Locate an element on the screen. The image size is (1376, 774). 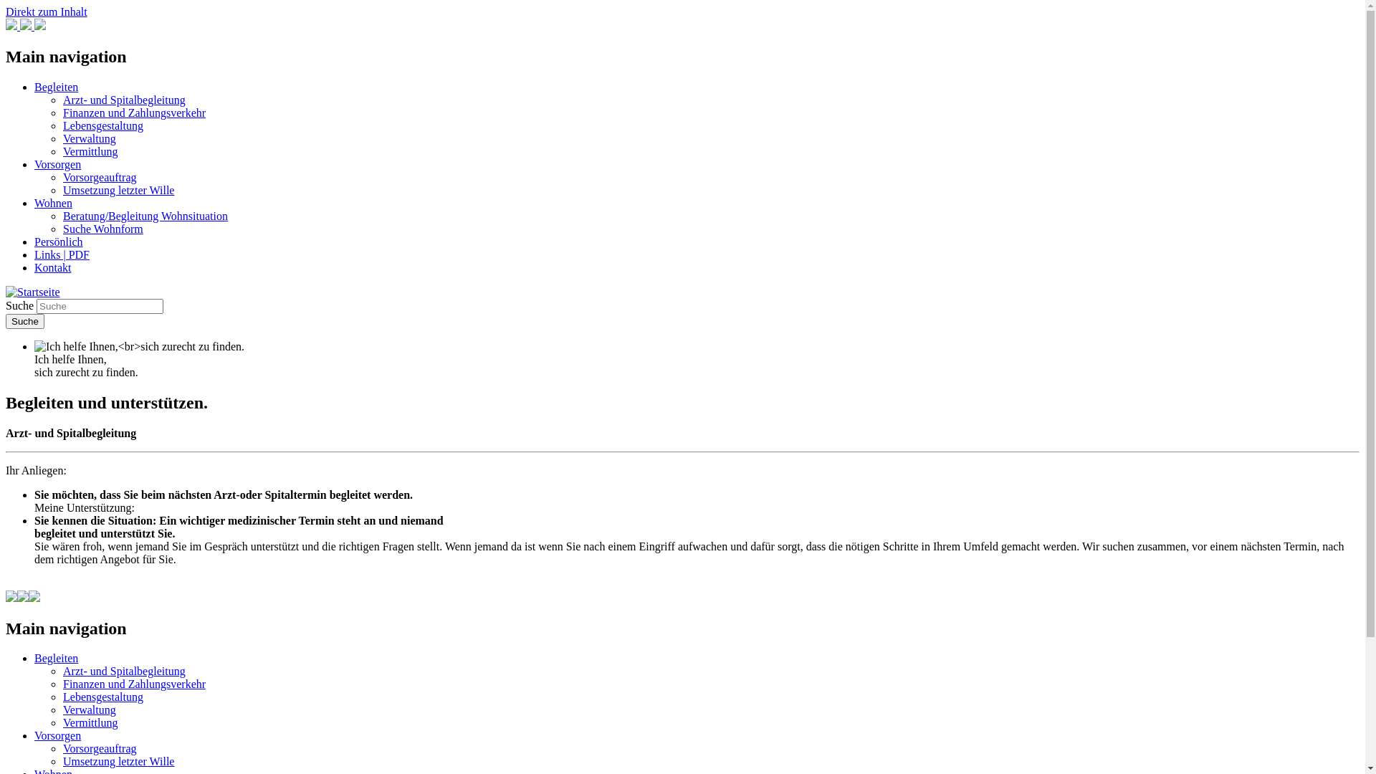
'Vorsorgeauftrag' is located at coordinates (99, 747).